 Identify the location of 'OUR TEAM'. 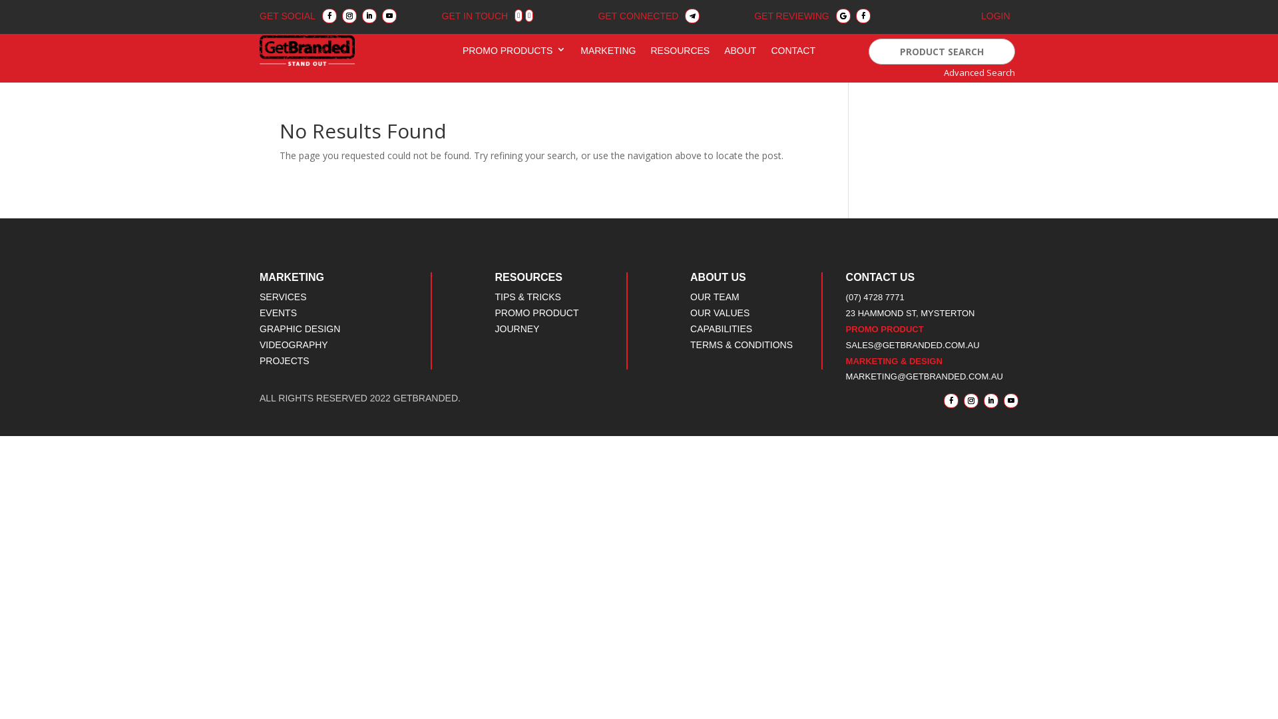
(714, 296).